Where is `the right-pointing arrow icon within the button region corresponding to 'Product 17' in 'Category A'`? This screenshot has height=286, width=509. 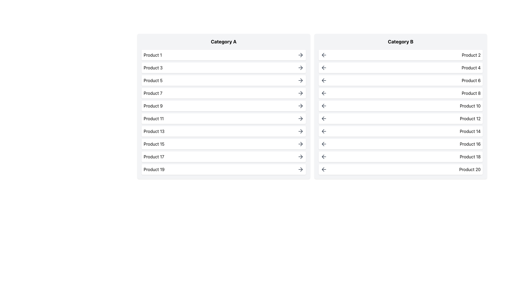
the right-pointing arrow icon within the button region corresponding to 'Product 17' in 'Category A' is located at coordinates (301, 156).